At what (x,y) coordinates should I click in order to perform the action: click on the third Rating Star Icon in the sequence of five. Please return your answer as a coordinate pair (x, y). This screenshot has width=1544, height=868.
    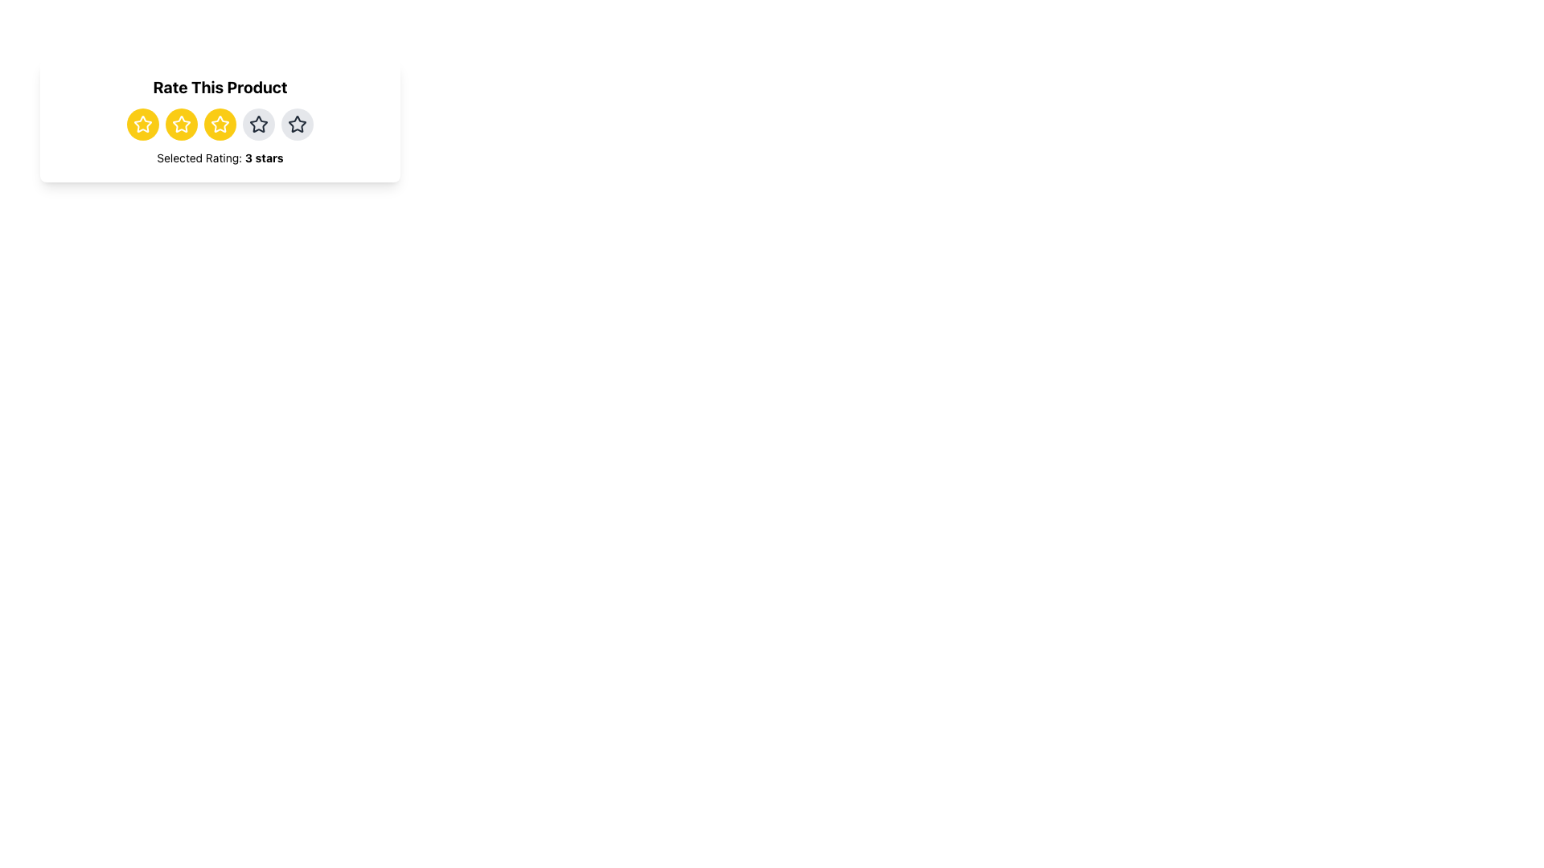
    Looking at the image, I should click on (219, 123).